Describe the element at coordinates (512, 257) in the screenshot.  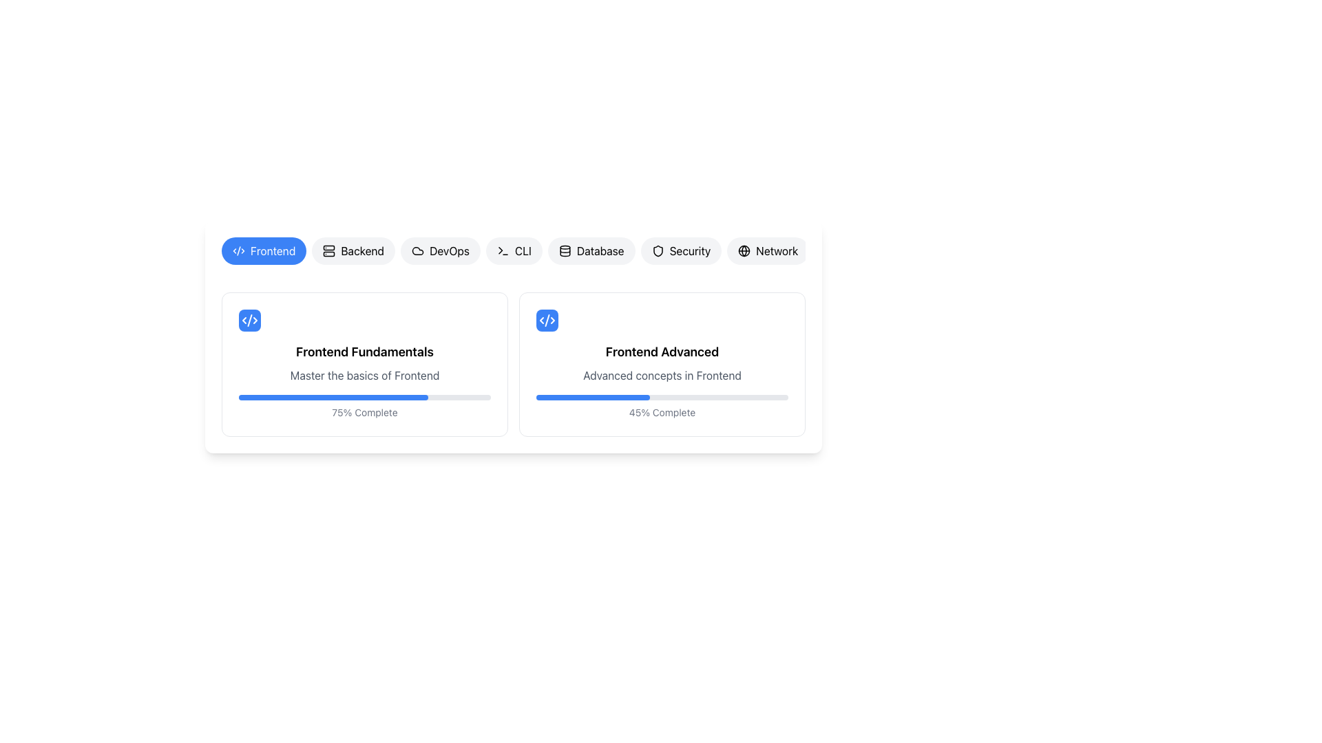
I see `the category in the horizontal menu bar that includes items like 'Frontend', 'Backend', or 'CLI'` at that location.